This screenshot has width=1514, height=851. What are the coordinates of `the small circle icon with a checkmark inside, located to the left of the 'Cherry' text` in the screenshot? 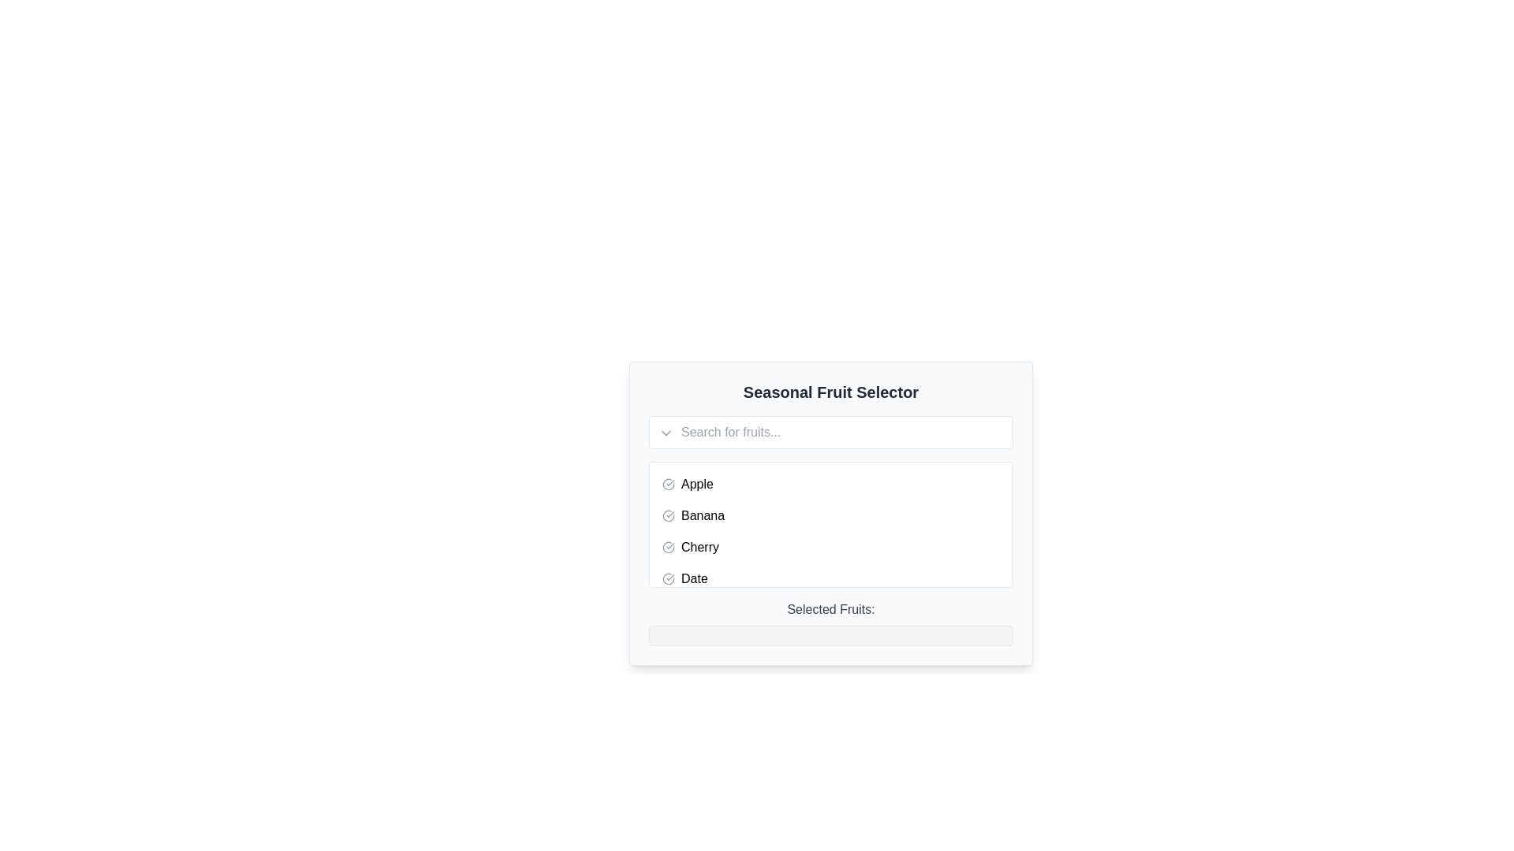 It's located at (669, 546).